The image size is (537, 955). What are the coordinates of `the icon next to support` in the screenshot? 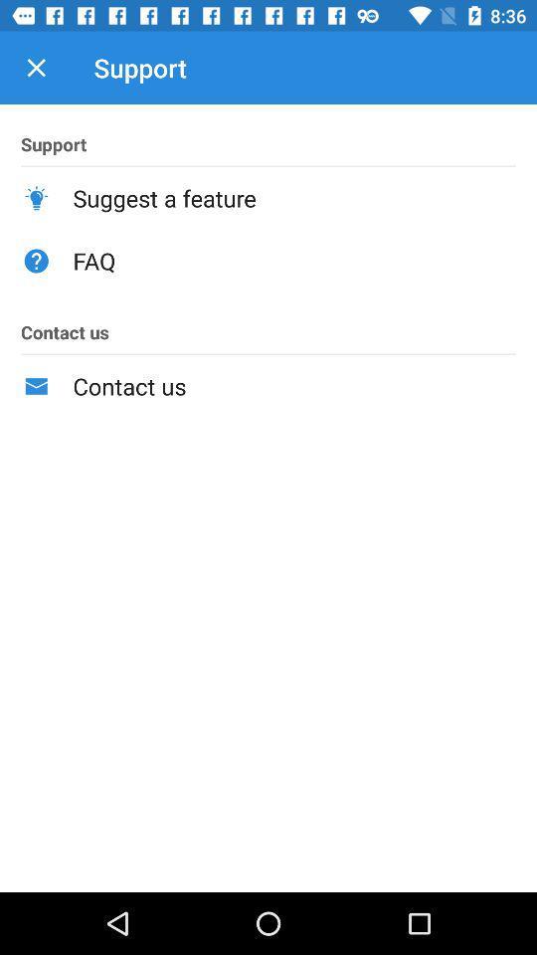 It's located at (36, 68).